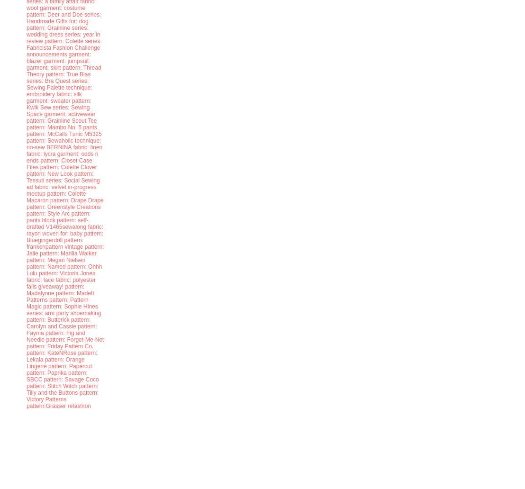 Image resolution: width=525 pixels, height=489 pixels. I want to click on 'in-progress', so click(81, 186).